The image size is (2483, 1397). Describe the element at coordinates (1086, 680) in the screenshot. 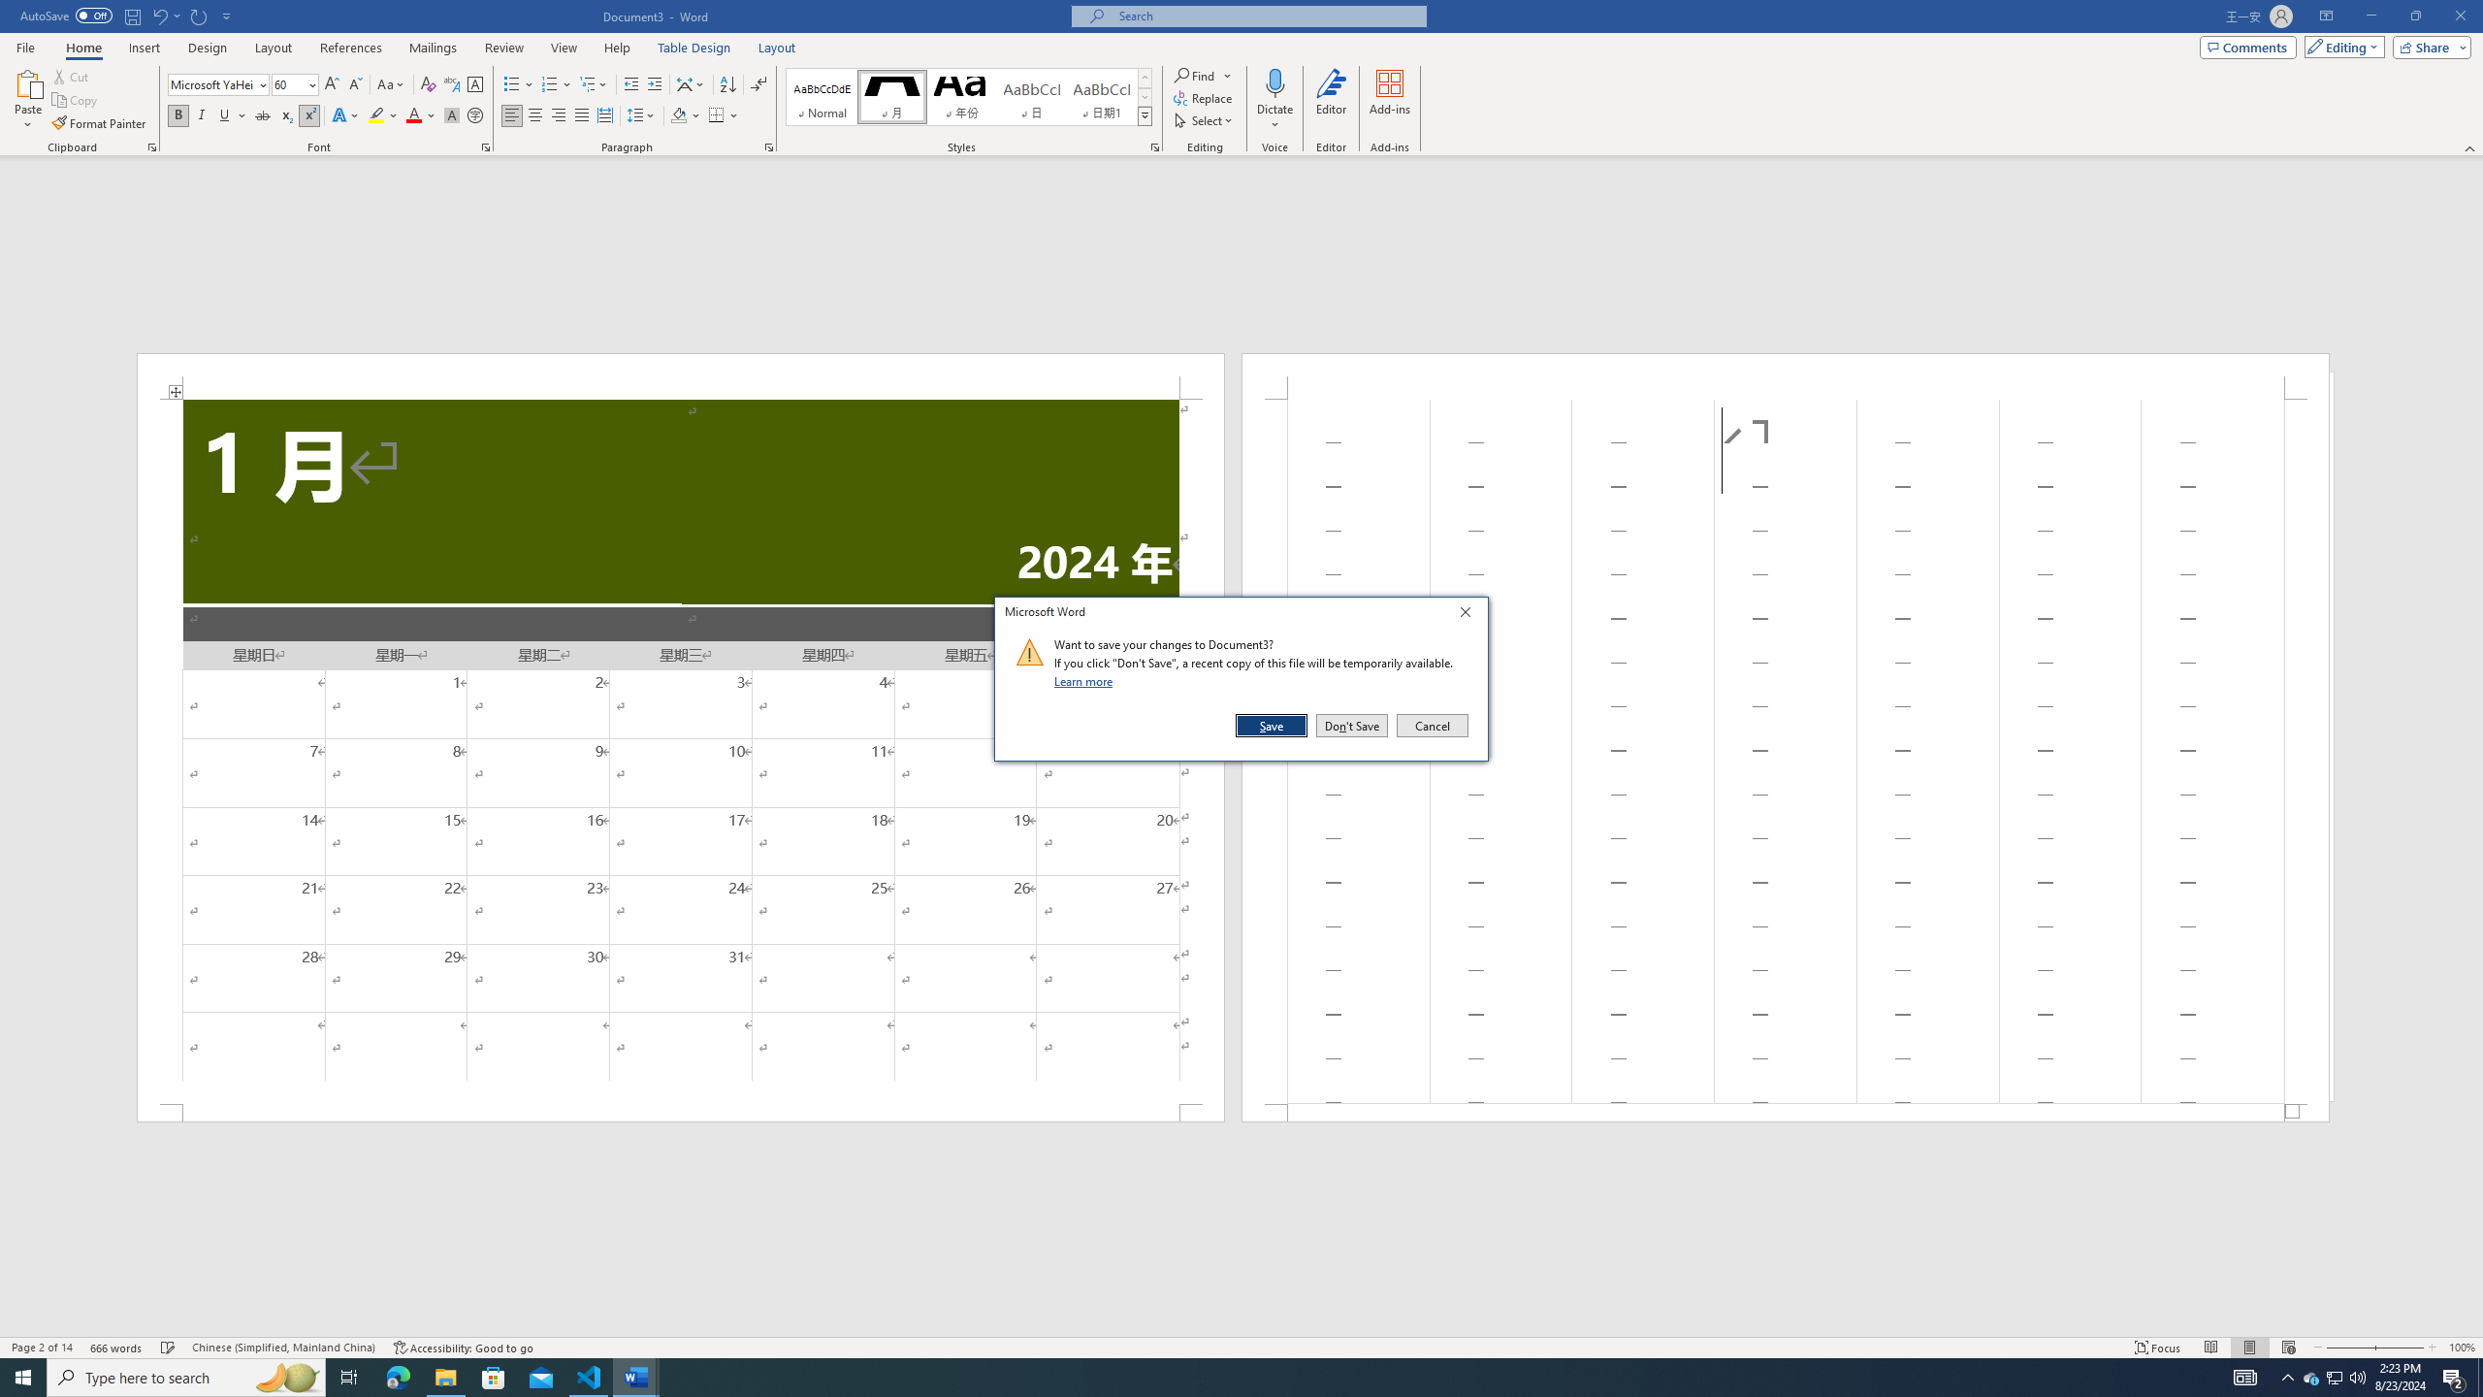

I see `'Learn more'` at that location.